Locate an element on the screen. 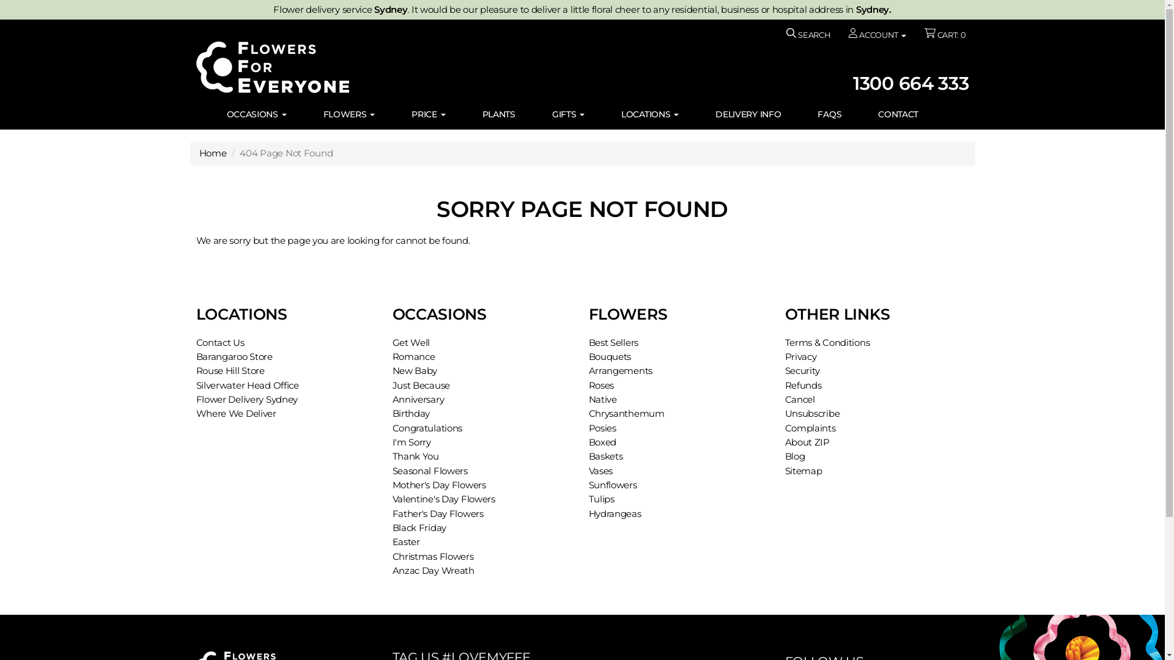 This screenshot has width=1174, height=660. 'Contact Us' is located at coordinates (220, 342).